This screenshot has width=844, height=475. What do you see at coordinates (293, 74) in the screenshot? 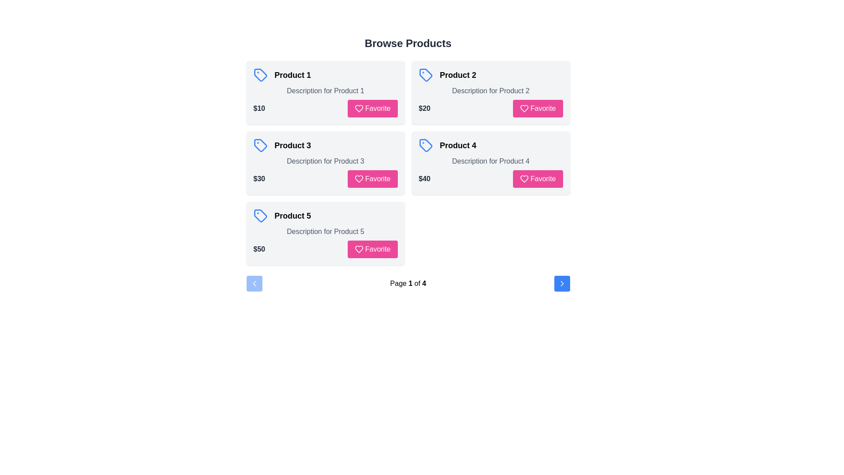
I see `text displayed in the 'Product 1' text label, which is styled in bold and larger font size, located at the top left corner of the first product card` at bounding box center [293, 74].